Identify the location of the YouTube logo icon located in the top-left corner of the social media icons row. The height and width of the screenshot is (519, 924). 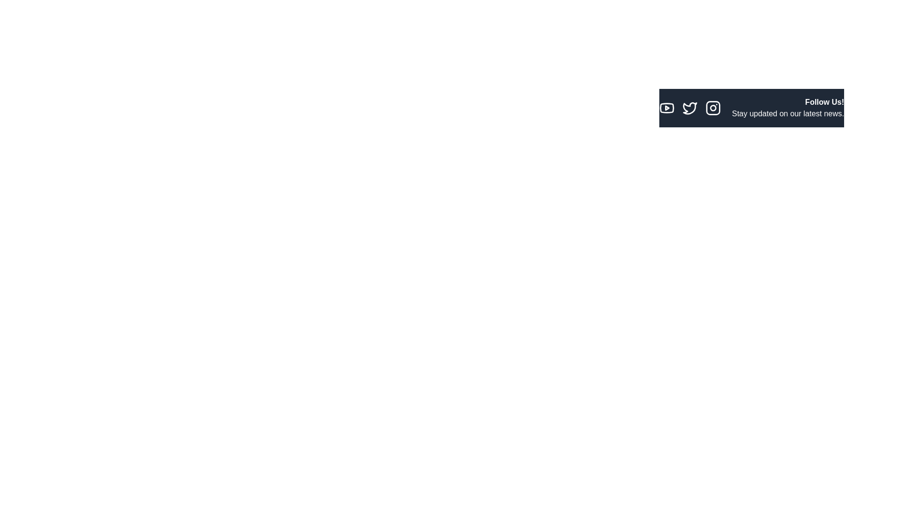
(667, 108).